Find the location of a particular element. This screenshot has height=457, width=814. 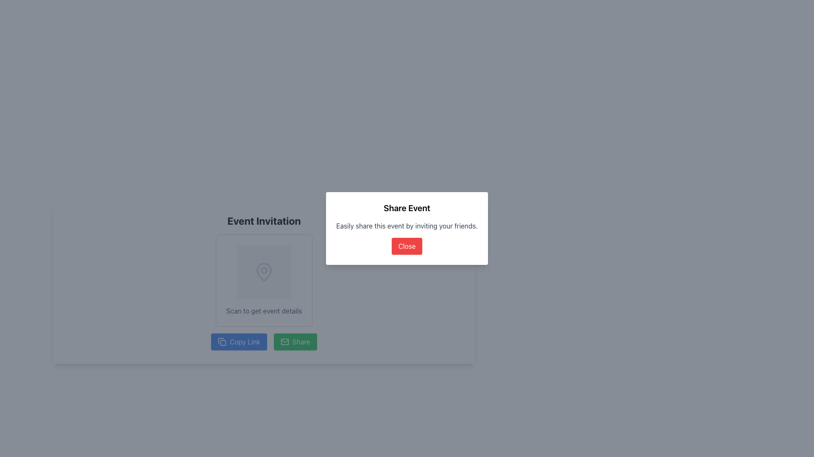

the central modal dialog that informs users about sharing an event for interactive feedback is located at coordinates (407, 228).